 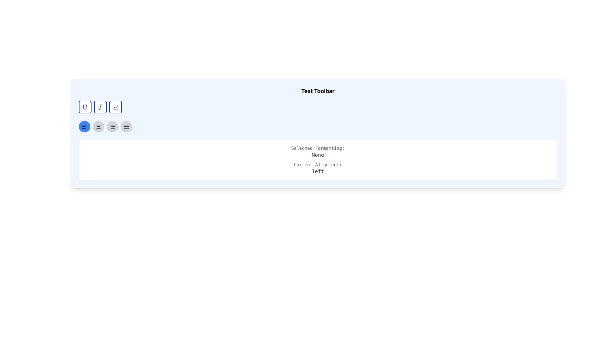 What do you see at coordinates (318, 164) in the screenshot?
I see `Text Label that indicates the current text alignment mode, positioned below the label 'None' and above the text 'left'` at bounding box center [318, 164].